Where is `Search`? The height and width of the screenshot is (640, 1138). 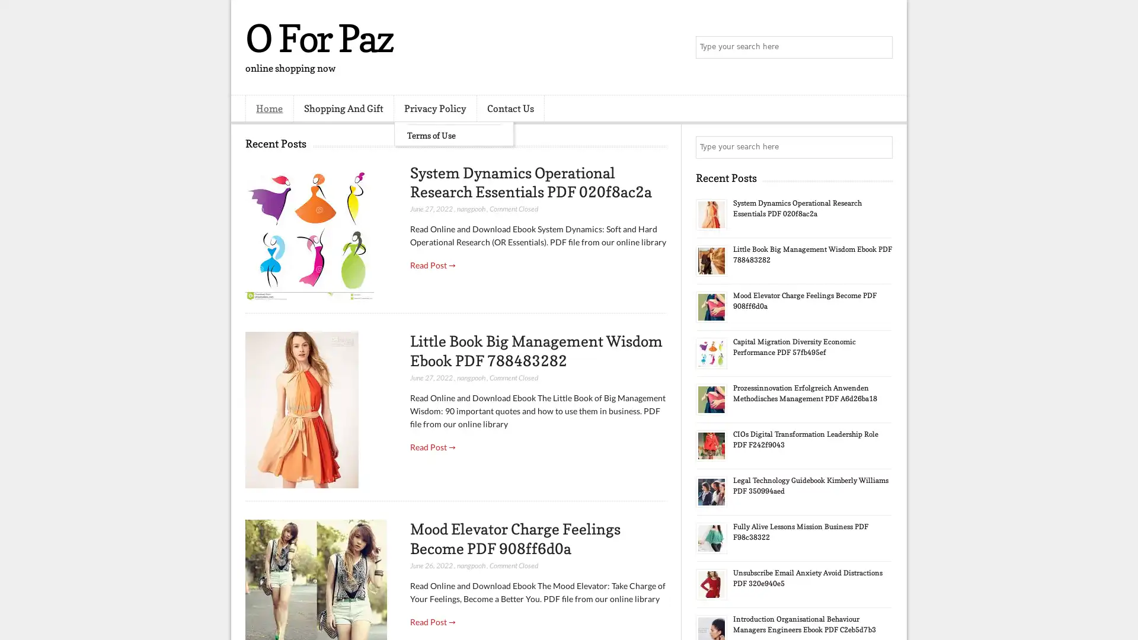
Search is located at coordinates (880, 47).